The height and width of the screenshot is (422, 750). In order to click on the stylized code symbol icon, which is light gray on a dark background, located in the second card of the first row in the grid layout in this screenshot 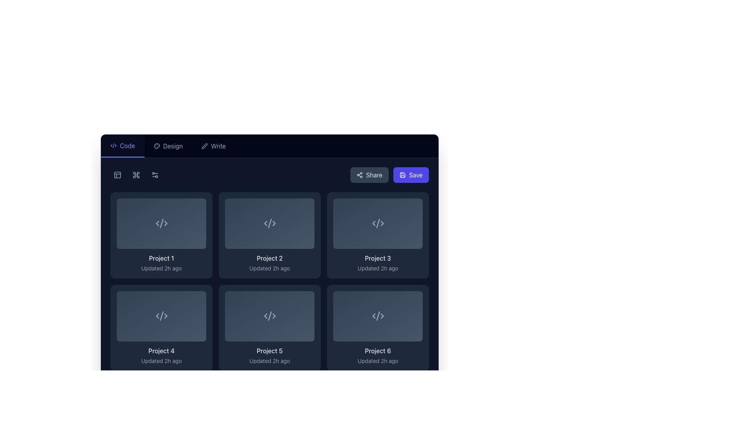, I will do `click(270, 224)`.